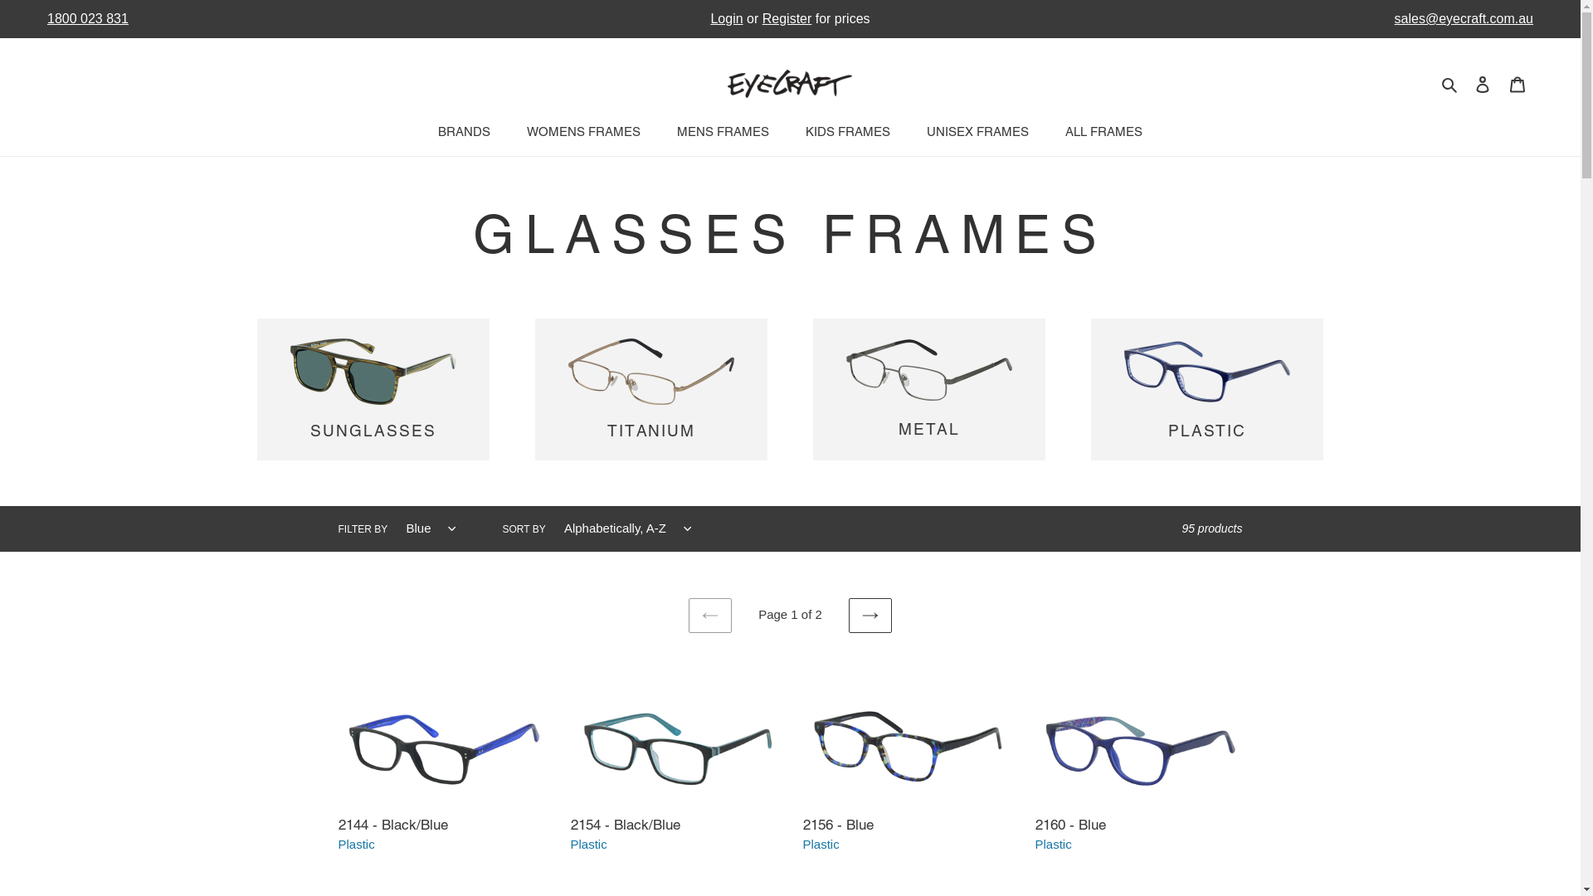 This screenshot has height=896, width=1593. I want to click on 'UNISEX FRAMES', so click(977, 133).